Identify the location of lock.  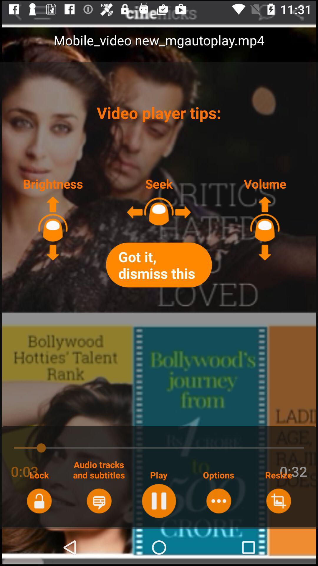
(39, 501).